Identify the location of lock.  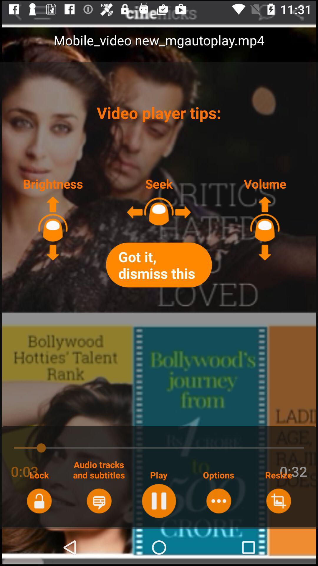
(39, 501).